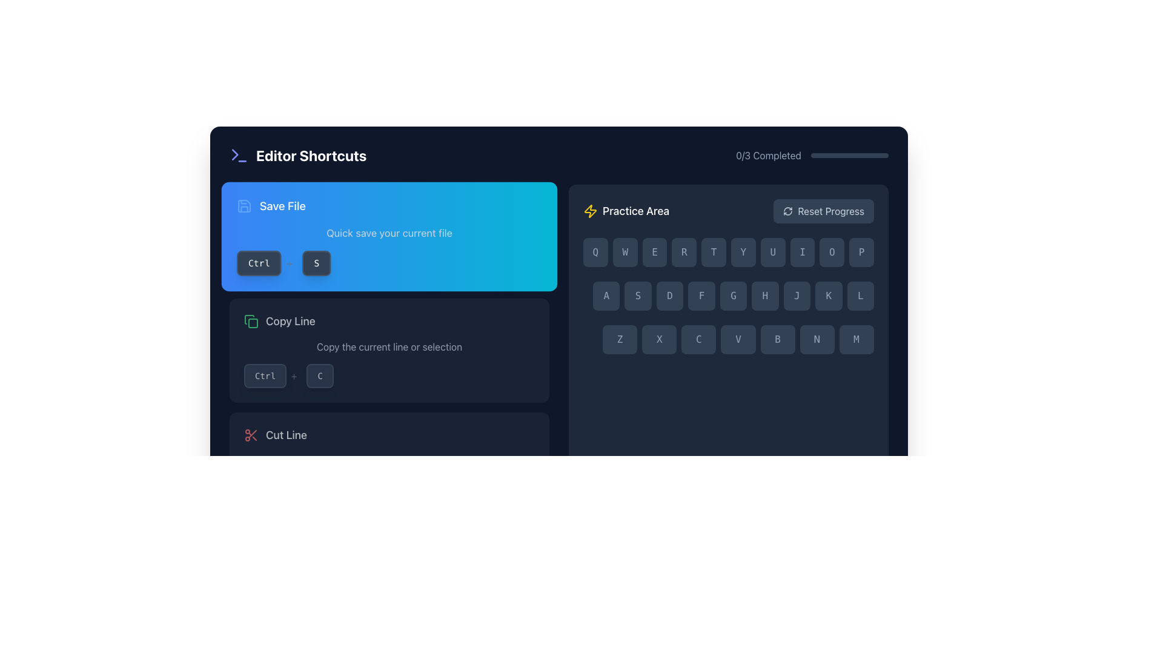 The width and height of the screenshot is (1163, 654). I want to click on the Text and progress bar combination displaying '0/3 Completed' located at the top-right corner of the interface, aligned with the 'Editor Shortcuts' header, so click(812, 155).